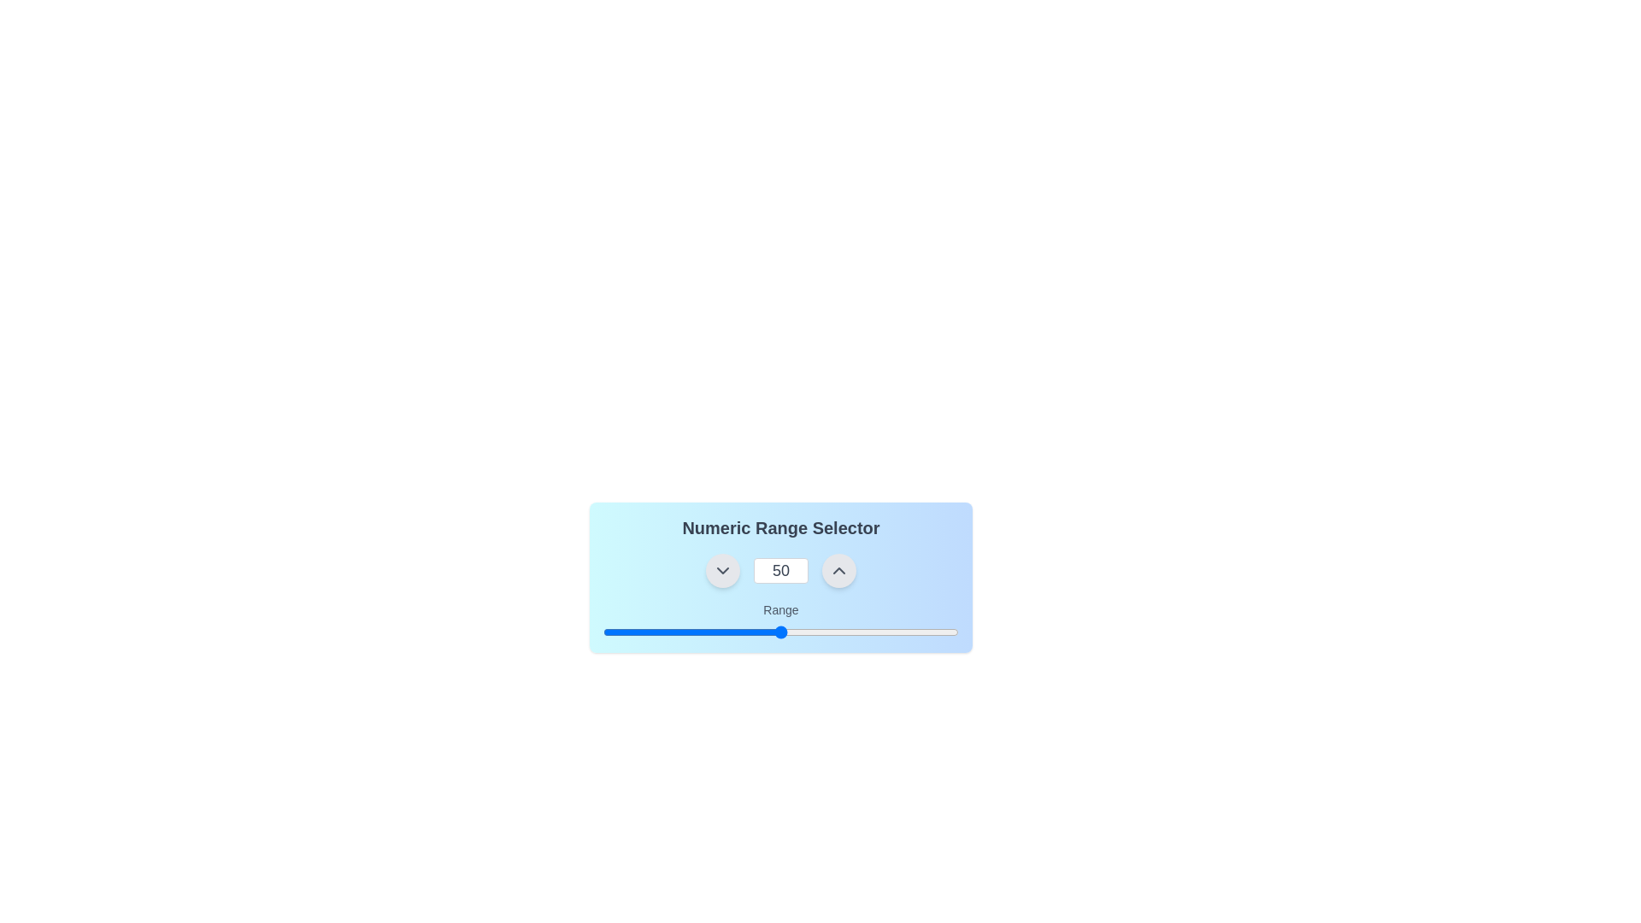 The width and height of the screenshot is (1641, 923). I want to click on range, so click(638, 632).